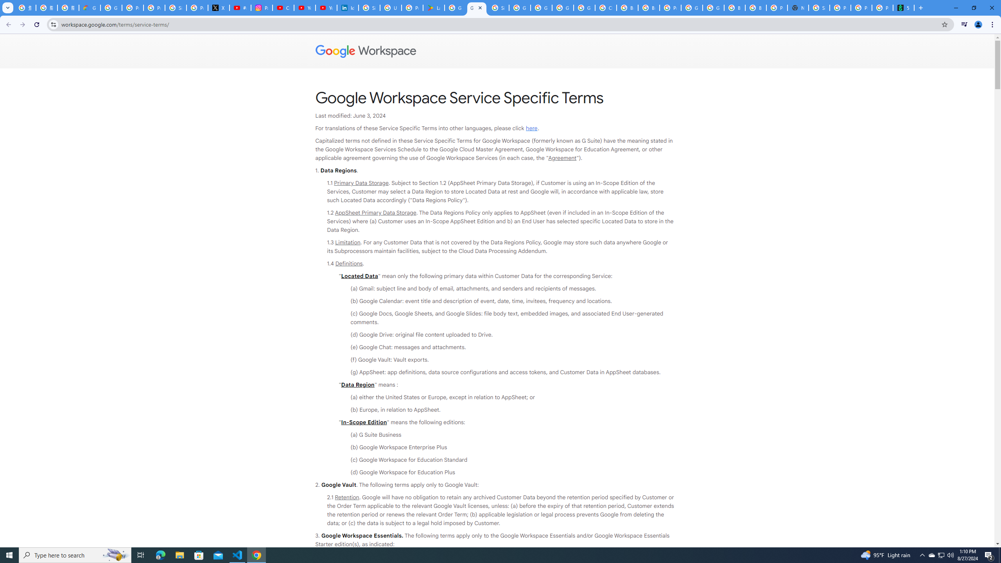 Image resolution: width=1001 pixels, height=563 pixels. I want to click on 'Google Cloud Platform', so click(713, 7).